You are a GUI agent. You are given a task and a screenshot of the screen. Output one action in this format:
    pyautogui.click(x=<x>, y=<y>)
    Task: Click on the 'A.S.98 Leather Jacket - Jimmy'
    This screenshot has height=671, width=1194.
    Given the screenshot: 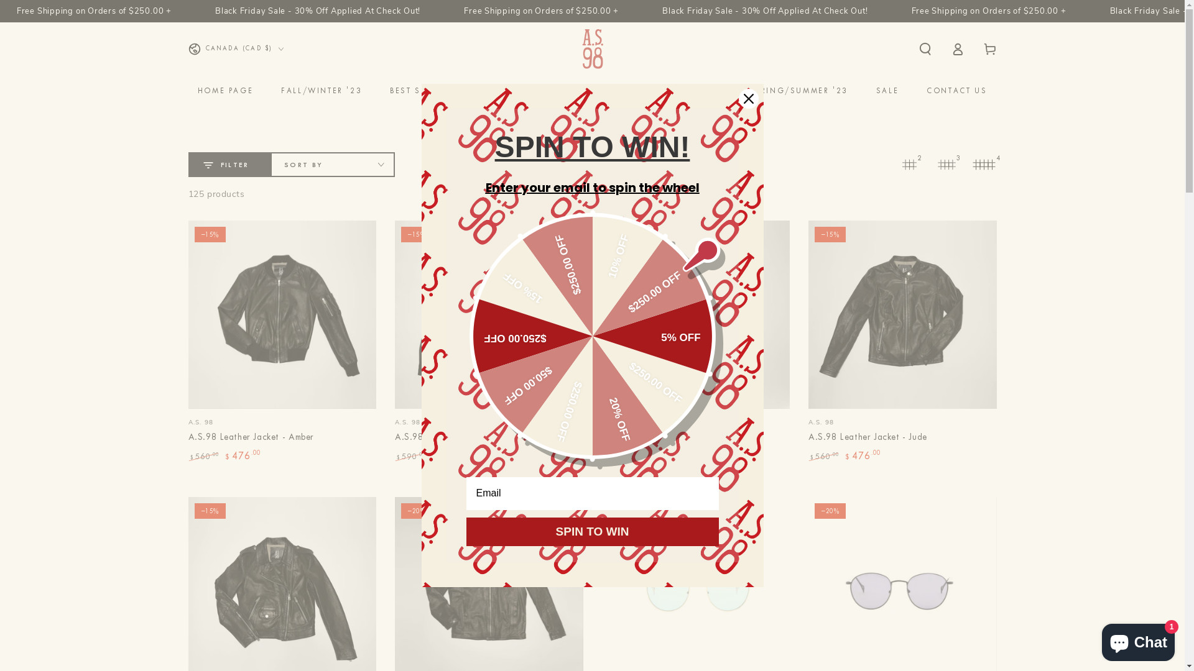 What is the action you would take?
    pyautogui.click(x=602, y=342)
    